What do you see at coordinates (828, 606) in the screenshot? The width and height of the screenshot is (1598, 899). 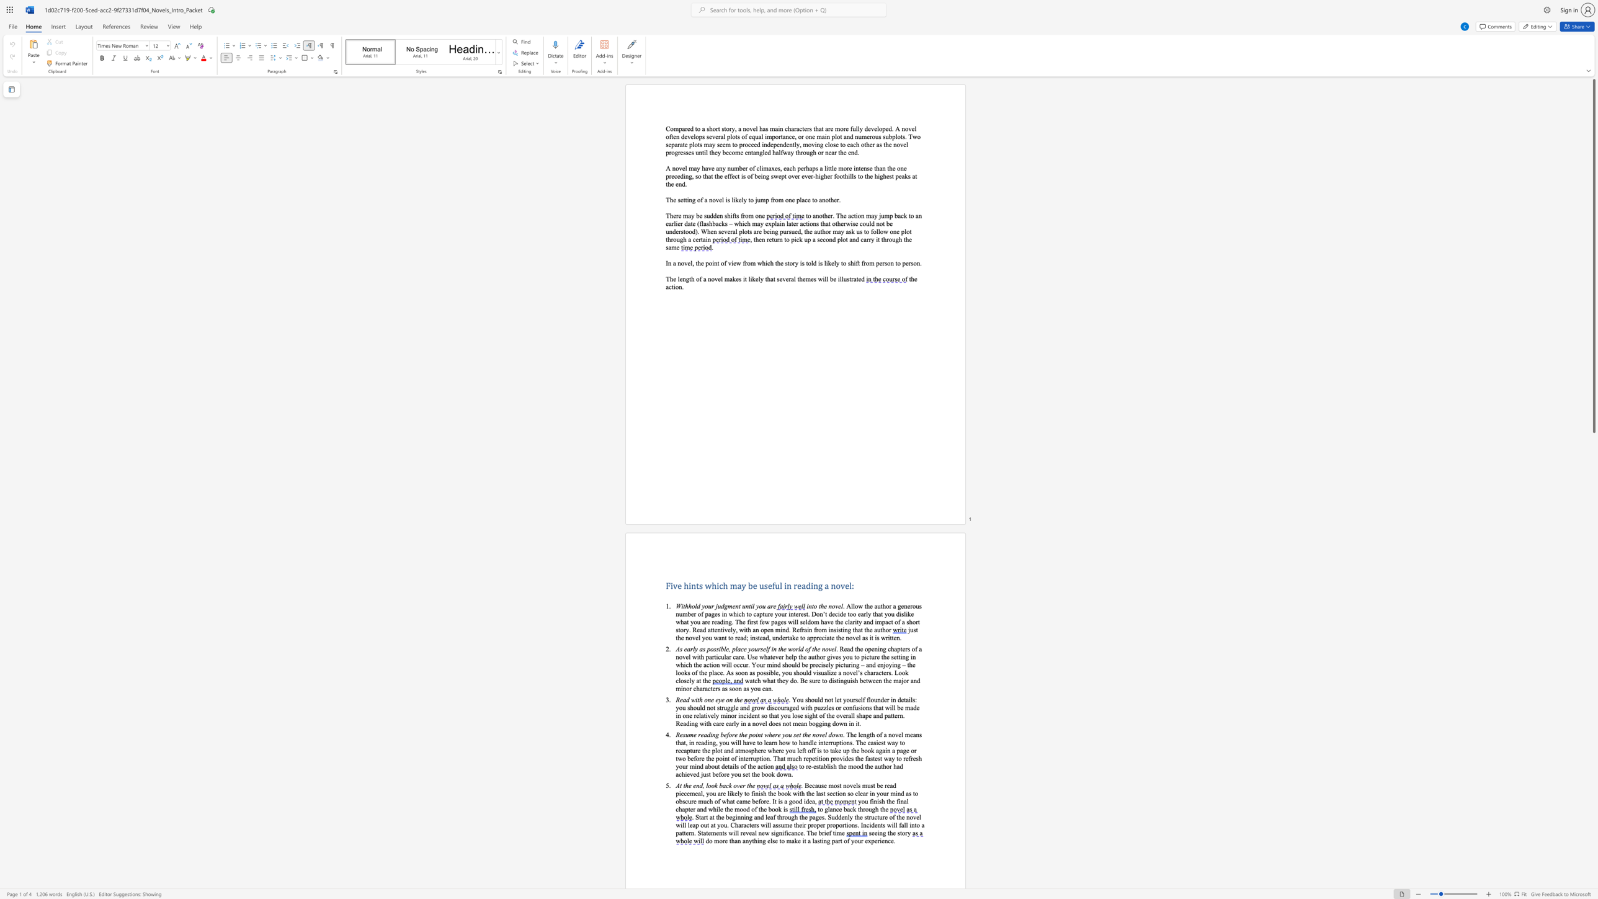 I see `the subset text "nove" within the text "into the novel"` at bounding box center [828, 606].